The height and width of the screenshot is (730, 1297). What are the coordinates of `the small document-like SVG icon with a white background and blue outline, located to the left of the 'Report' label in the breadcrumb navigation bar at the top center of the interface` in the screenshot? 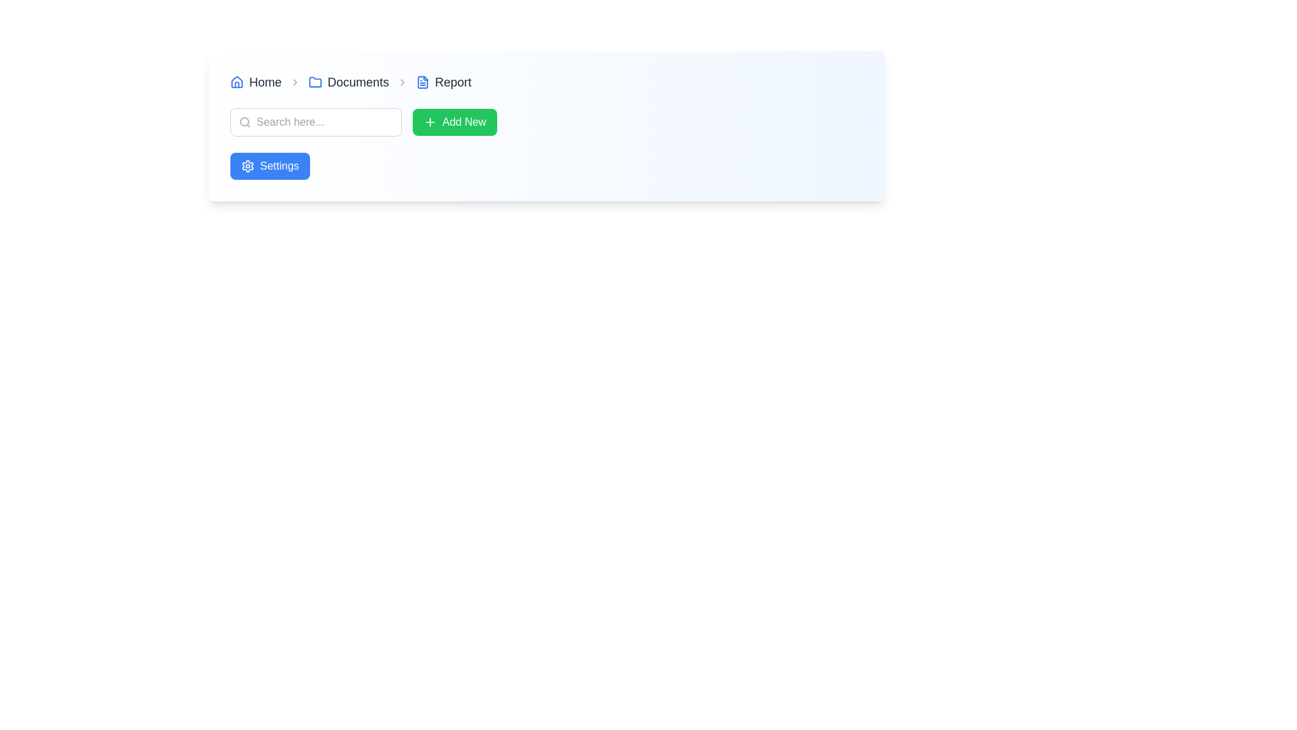 It's located at (422, 82).